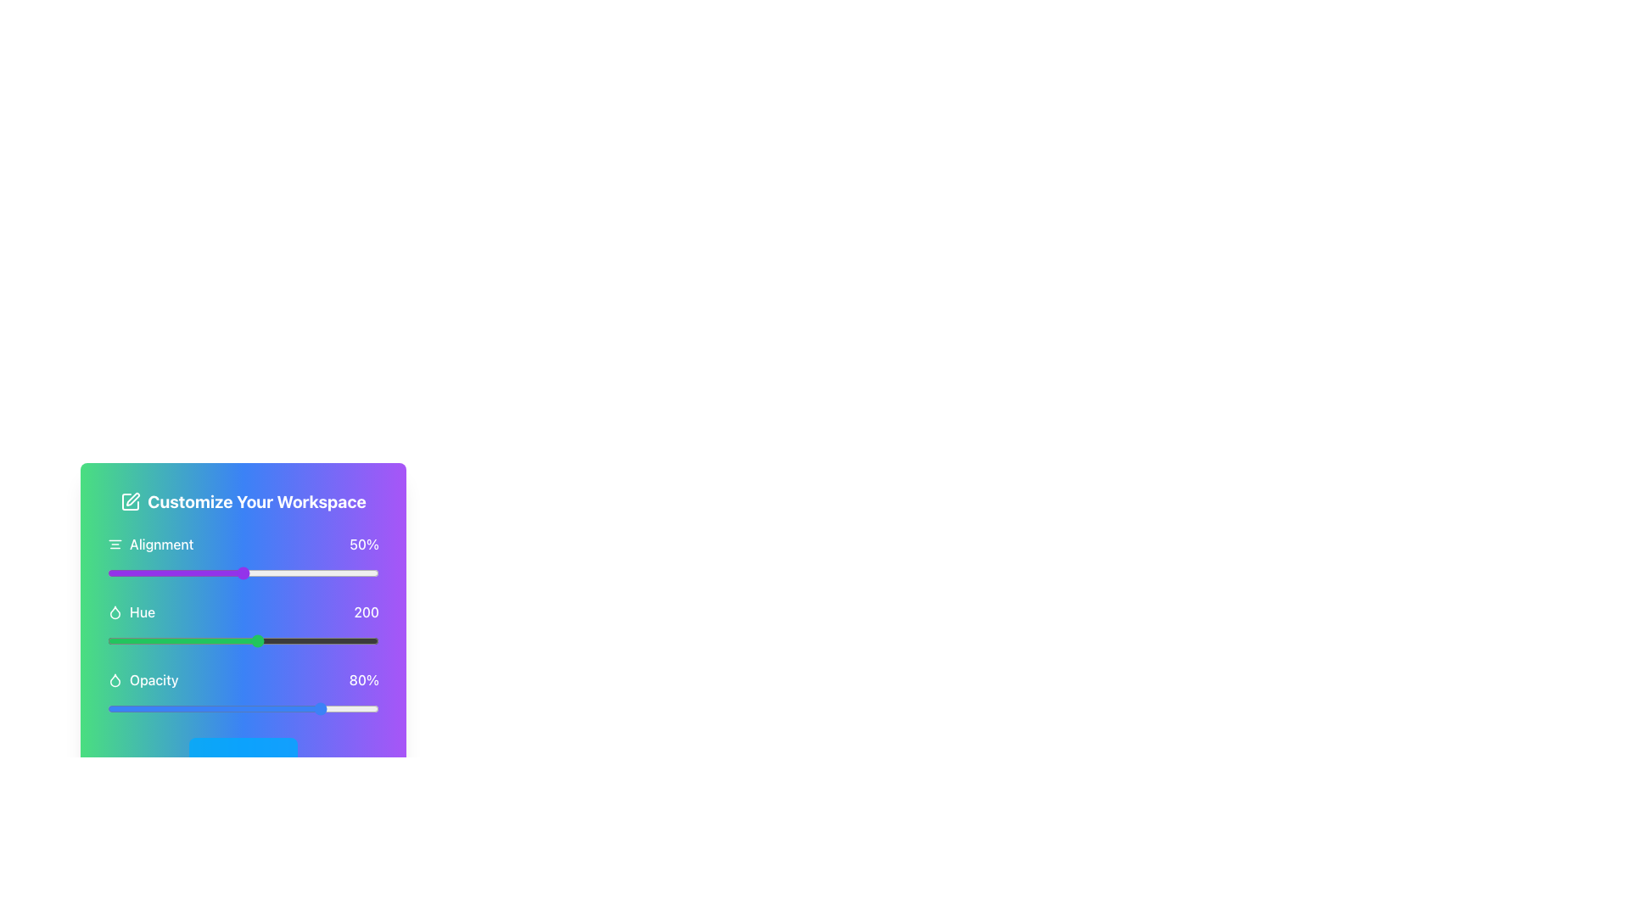 Image resolution: width=1629 pixels, height=916 pixels. I want to click on the droplet-shaped SVG graphic icon located in the 'Hue' section to the left of the percentage label '200', so click(114, 612).